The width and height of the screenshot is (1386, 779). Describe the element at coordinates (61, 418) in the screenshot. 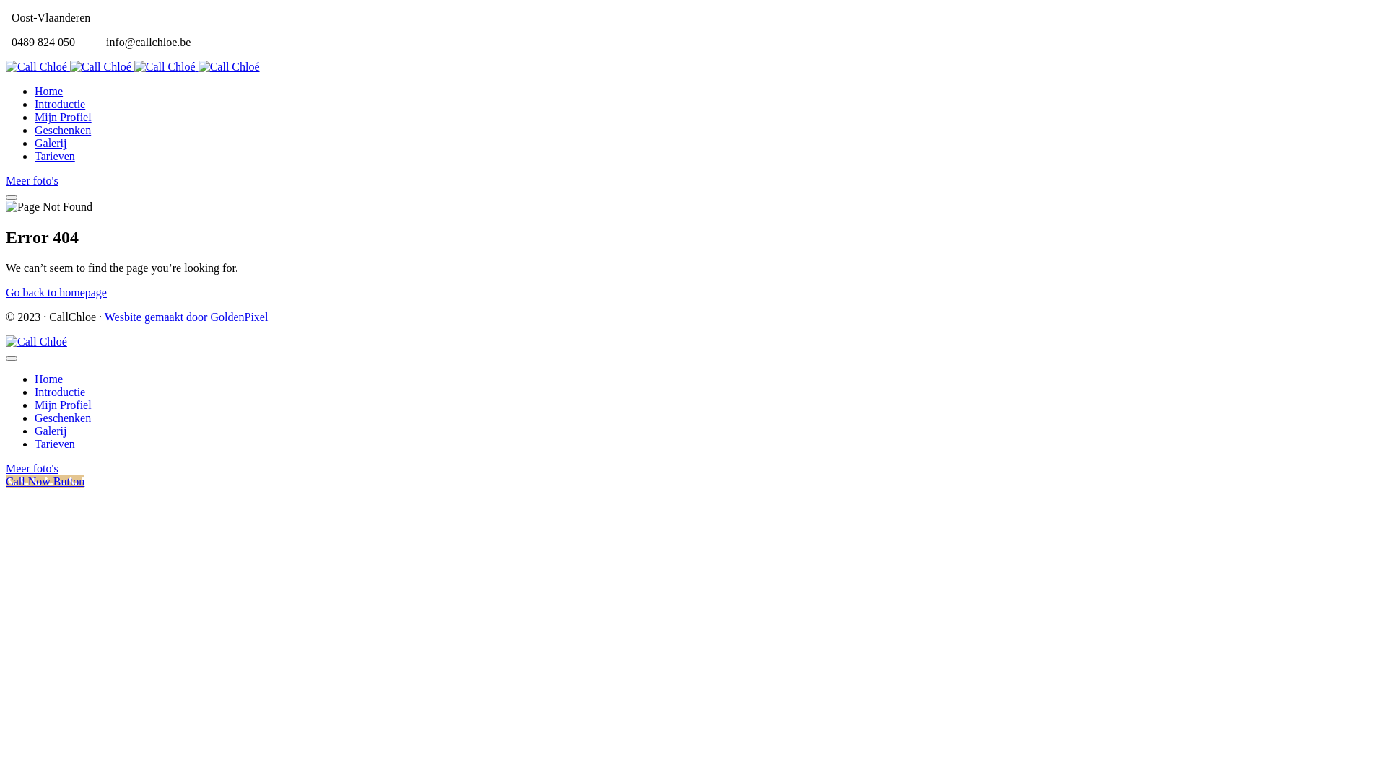

I see `'Geschenken'` at that location.